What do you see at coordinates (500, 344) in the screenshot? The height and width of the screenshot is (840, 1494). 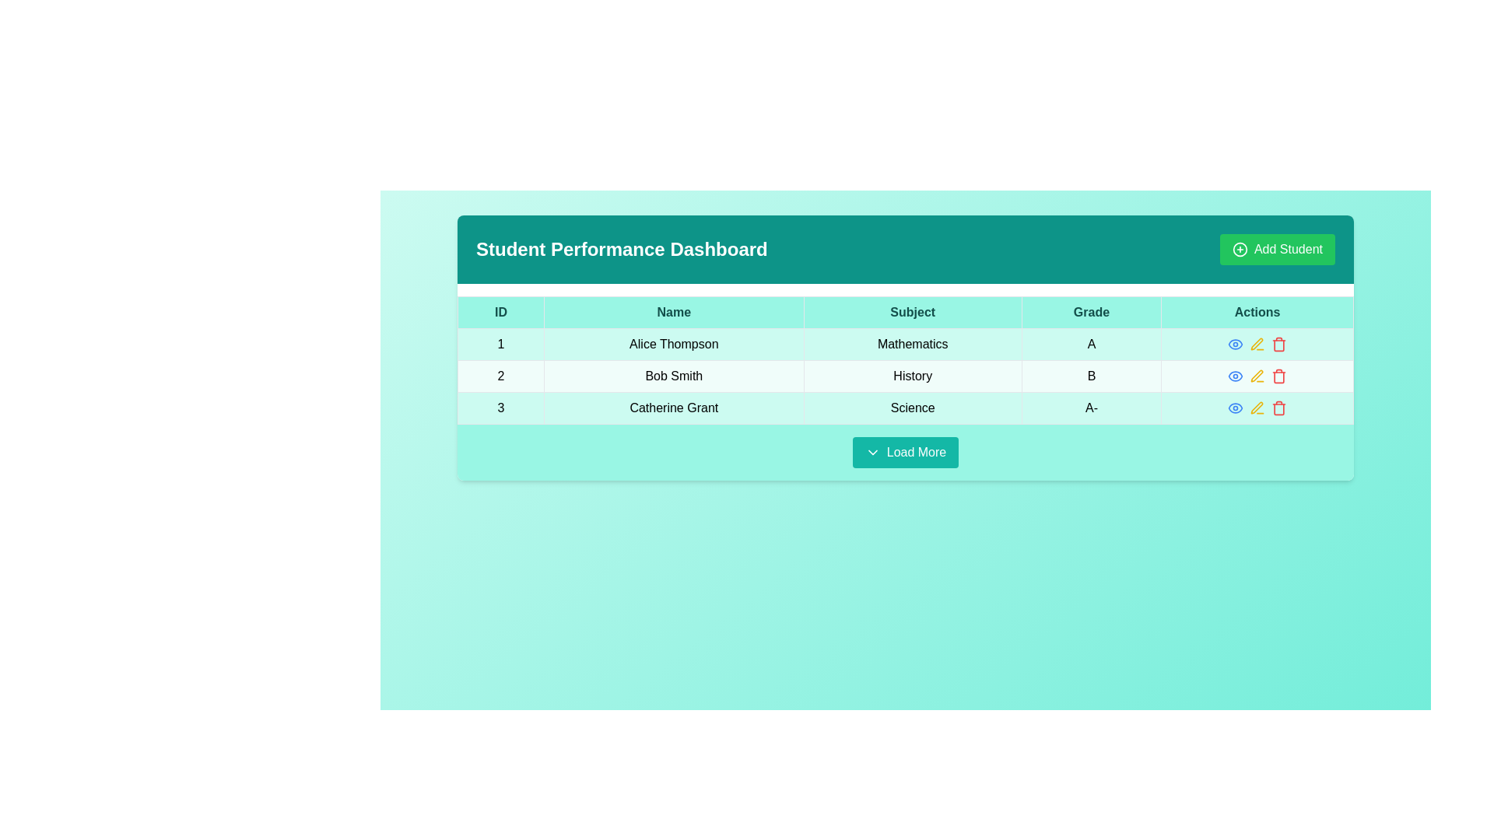 I see `the text element representing the ID or serial number in the first column of the first row of the table, which is aligned with the row containing 'Alice Thompson'` at bounding box center [500, 344].